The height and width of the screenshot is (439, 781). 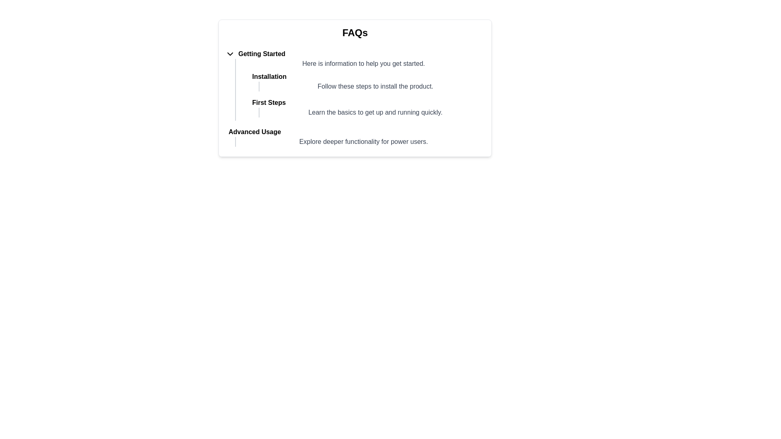 I want to click on static text element that reads 'Learn the basics to get up and running quickly.' positioned below the 'First Steps' label, so click(x=371, y=113).